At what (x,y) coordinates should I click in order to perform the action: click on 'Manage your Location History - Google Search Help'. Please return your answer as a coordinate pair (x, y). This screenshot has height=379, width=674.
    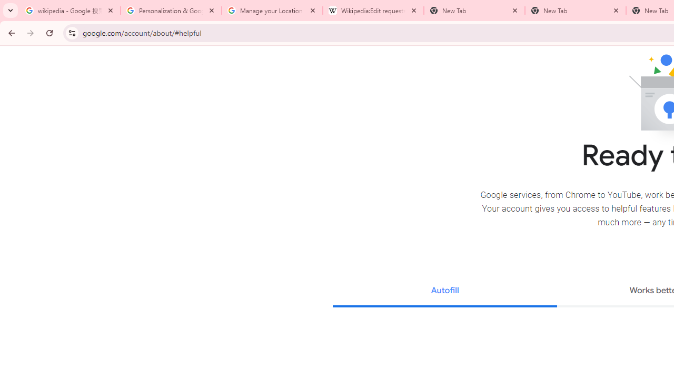
    Looking at the image, I should click on (272, 11).